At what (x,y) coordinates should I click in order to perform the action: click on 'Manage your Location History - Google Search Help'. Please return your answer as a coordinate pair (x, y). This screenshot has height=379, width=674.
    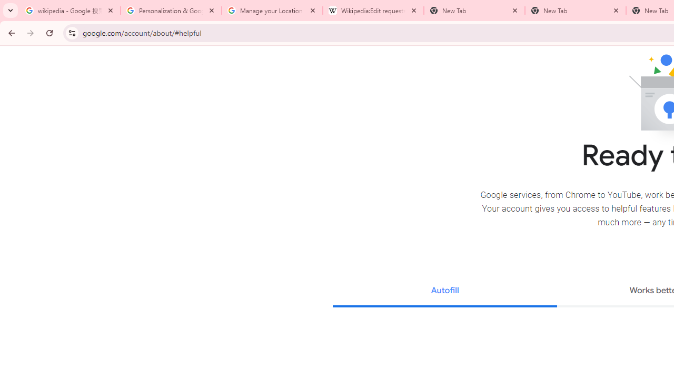
    Looking at the image, I should click on (272, 11).